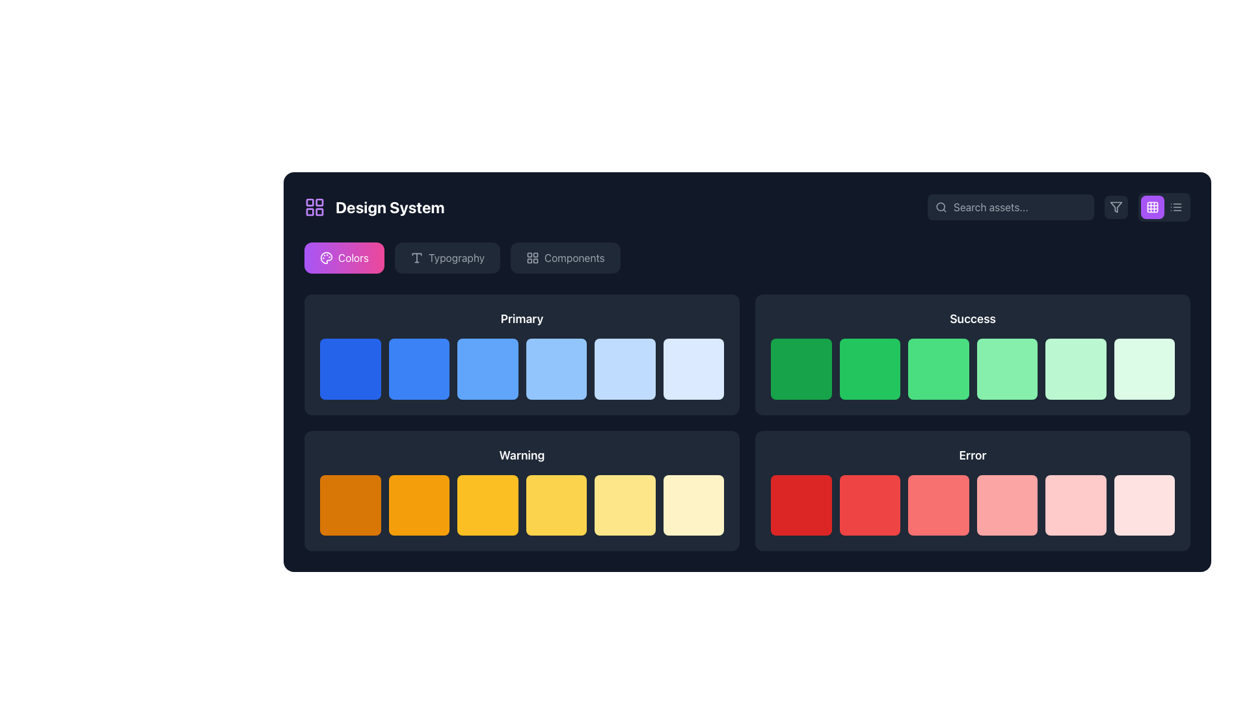  Describe the element at coordinates (327, 258) in the screenshot. I see `color palette icon located in the upper left section of the interface, which is part of the 'Colors' button, positioned to the left of 'Typography' and 'Components.'` at that location.